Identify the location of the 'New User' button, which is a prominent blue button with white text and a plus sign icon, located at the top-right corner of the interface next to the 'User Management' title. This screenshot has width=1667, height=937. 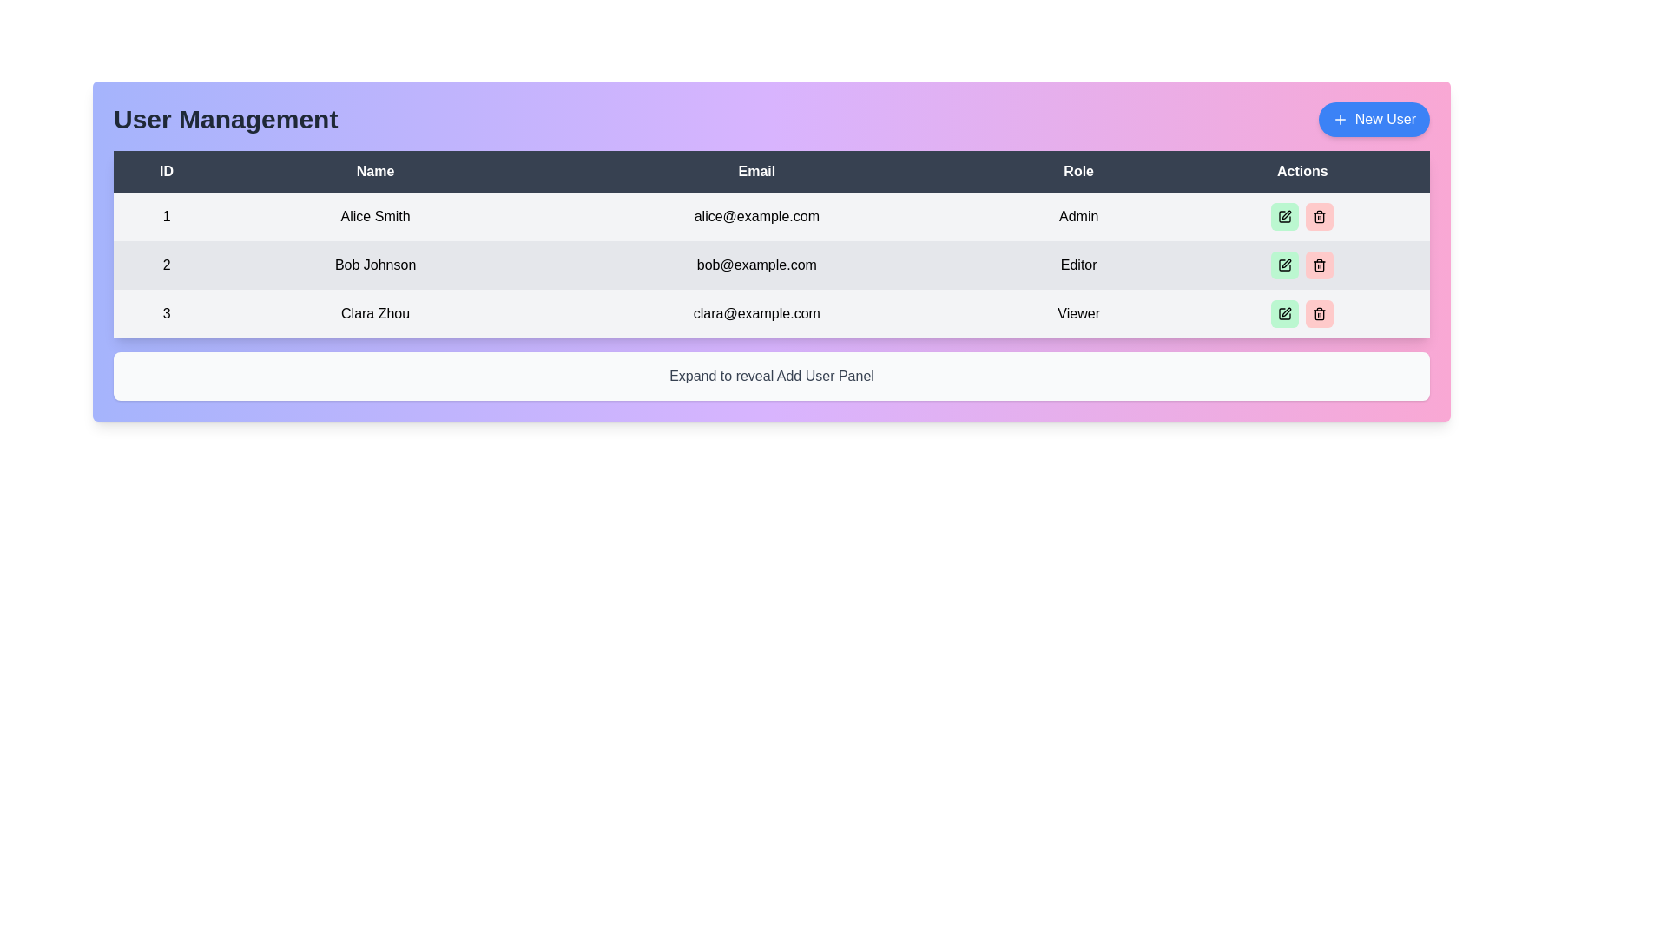
(1373, 119).